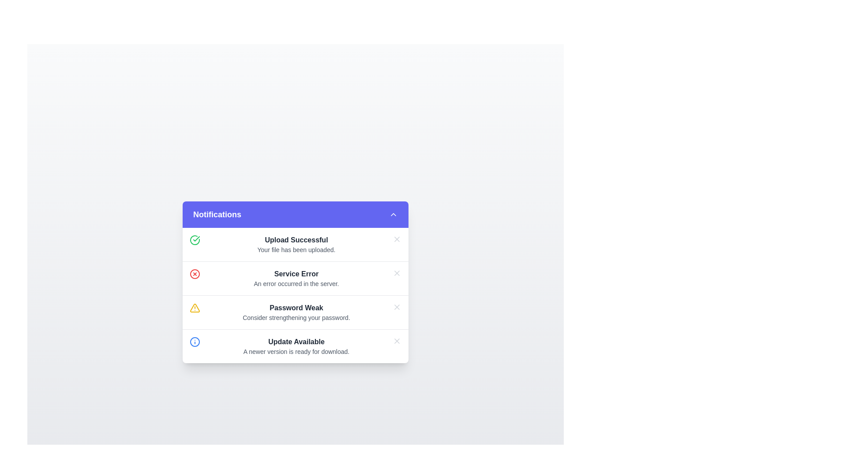  Describe the element at coordinates (296, 278) in the screenshot. I see `title 'Service Error' and the description 'An error occurred in the server.' from the notification message displayed in the notifications section` at that location.